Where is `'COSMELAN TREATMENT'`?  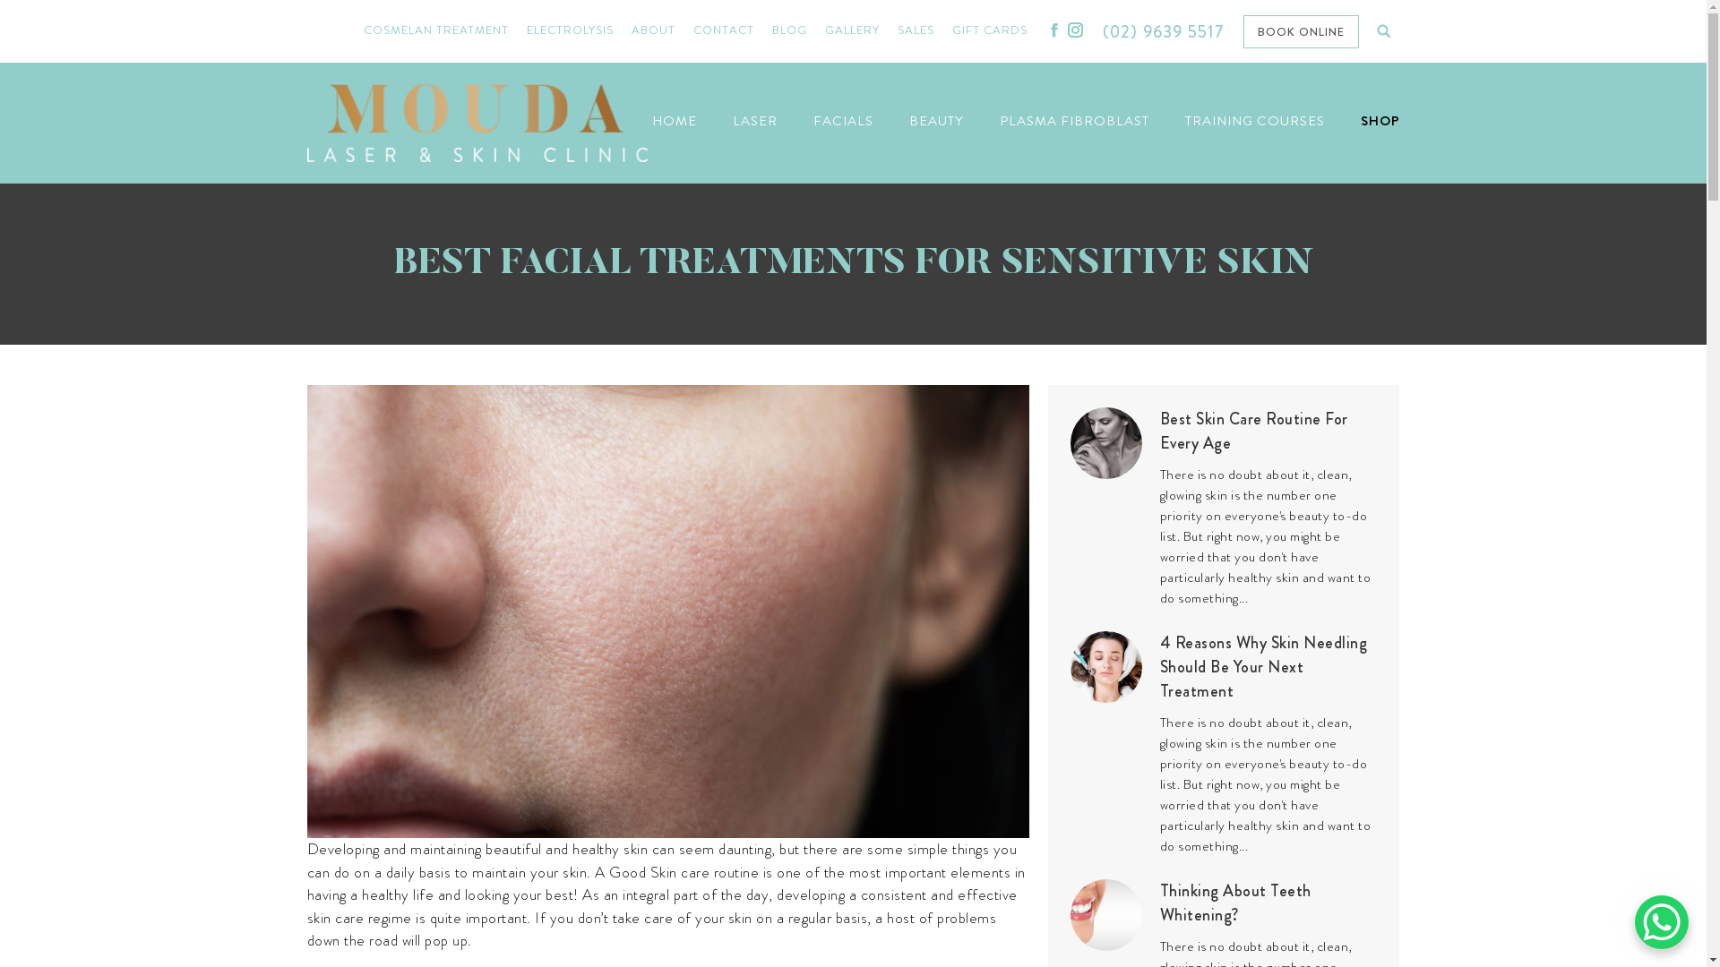 'COSMELAN TREATMENT' is located at coordinates (363, 30).